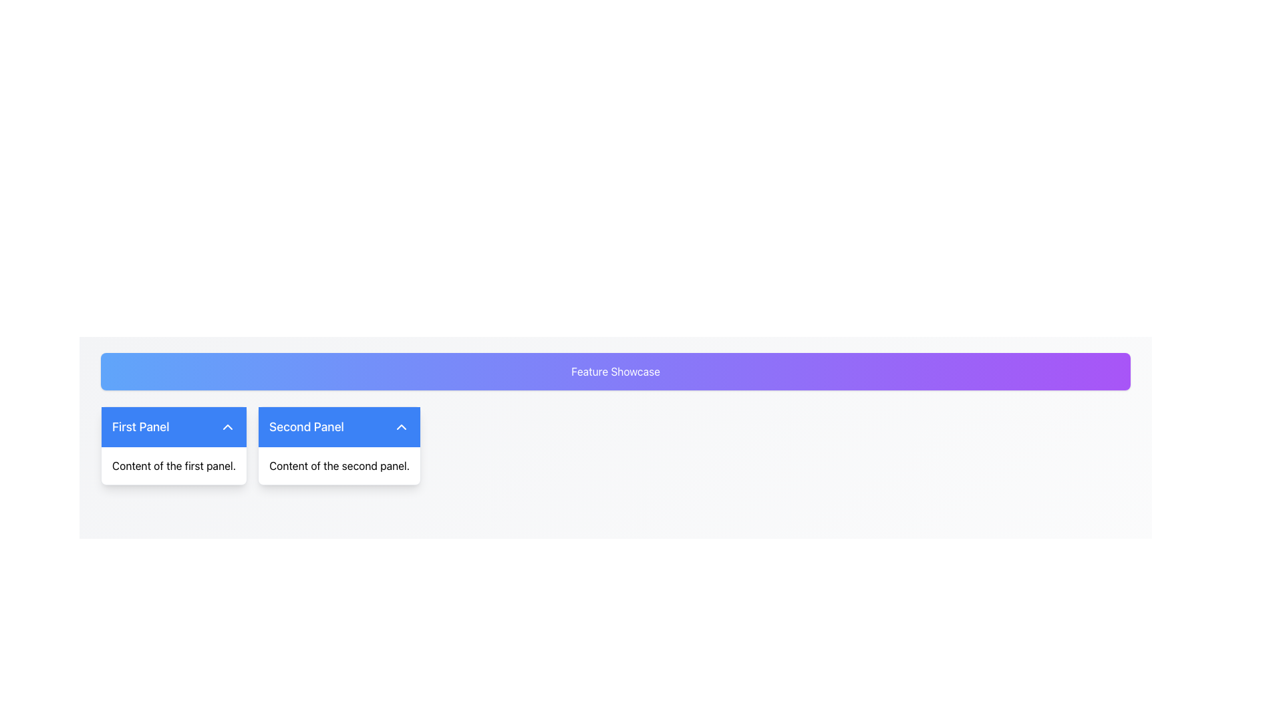  I want to click on the chevron icon located in the top-right section of the 'First Panel' header, so click(227, 427).